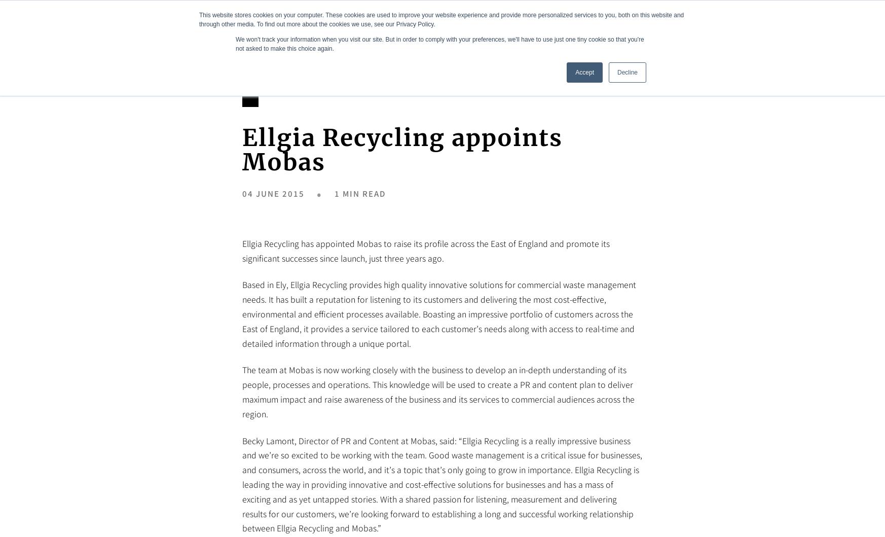 The image size is (885, 537). I want to click on '04 June 2015', so click(273, 192).